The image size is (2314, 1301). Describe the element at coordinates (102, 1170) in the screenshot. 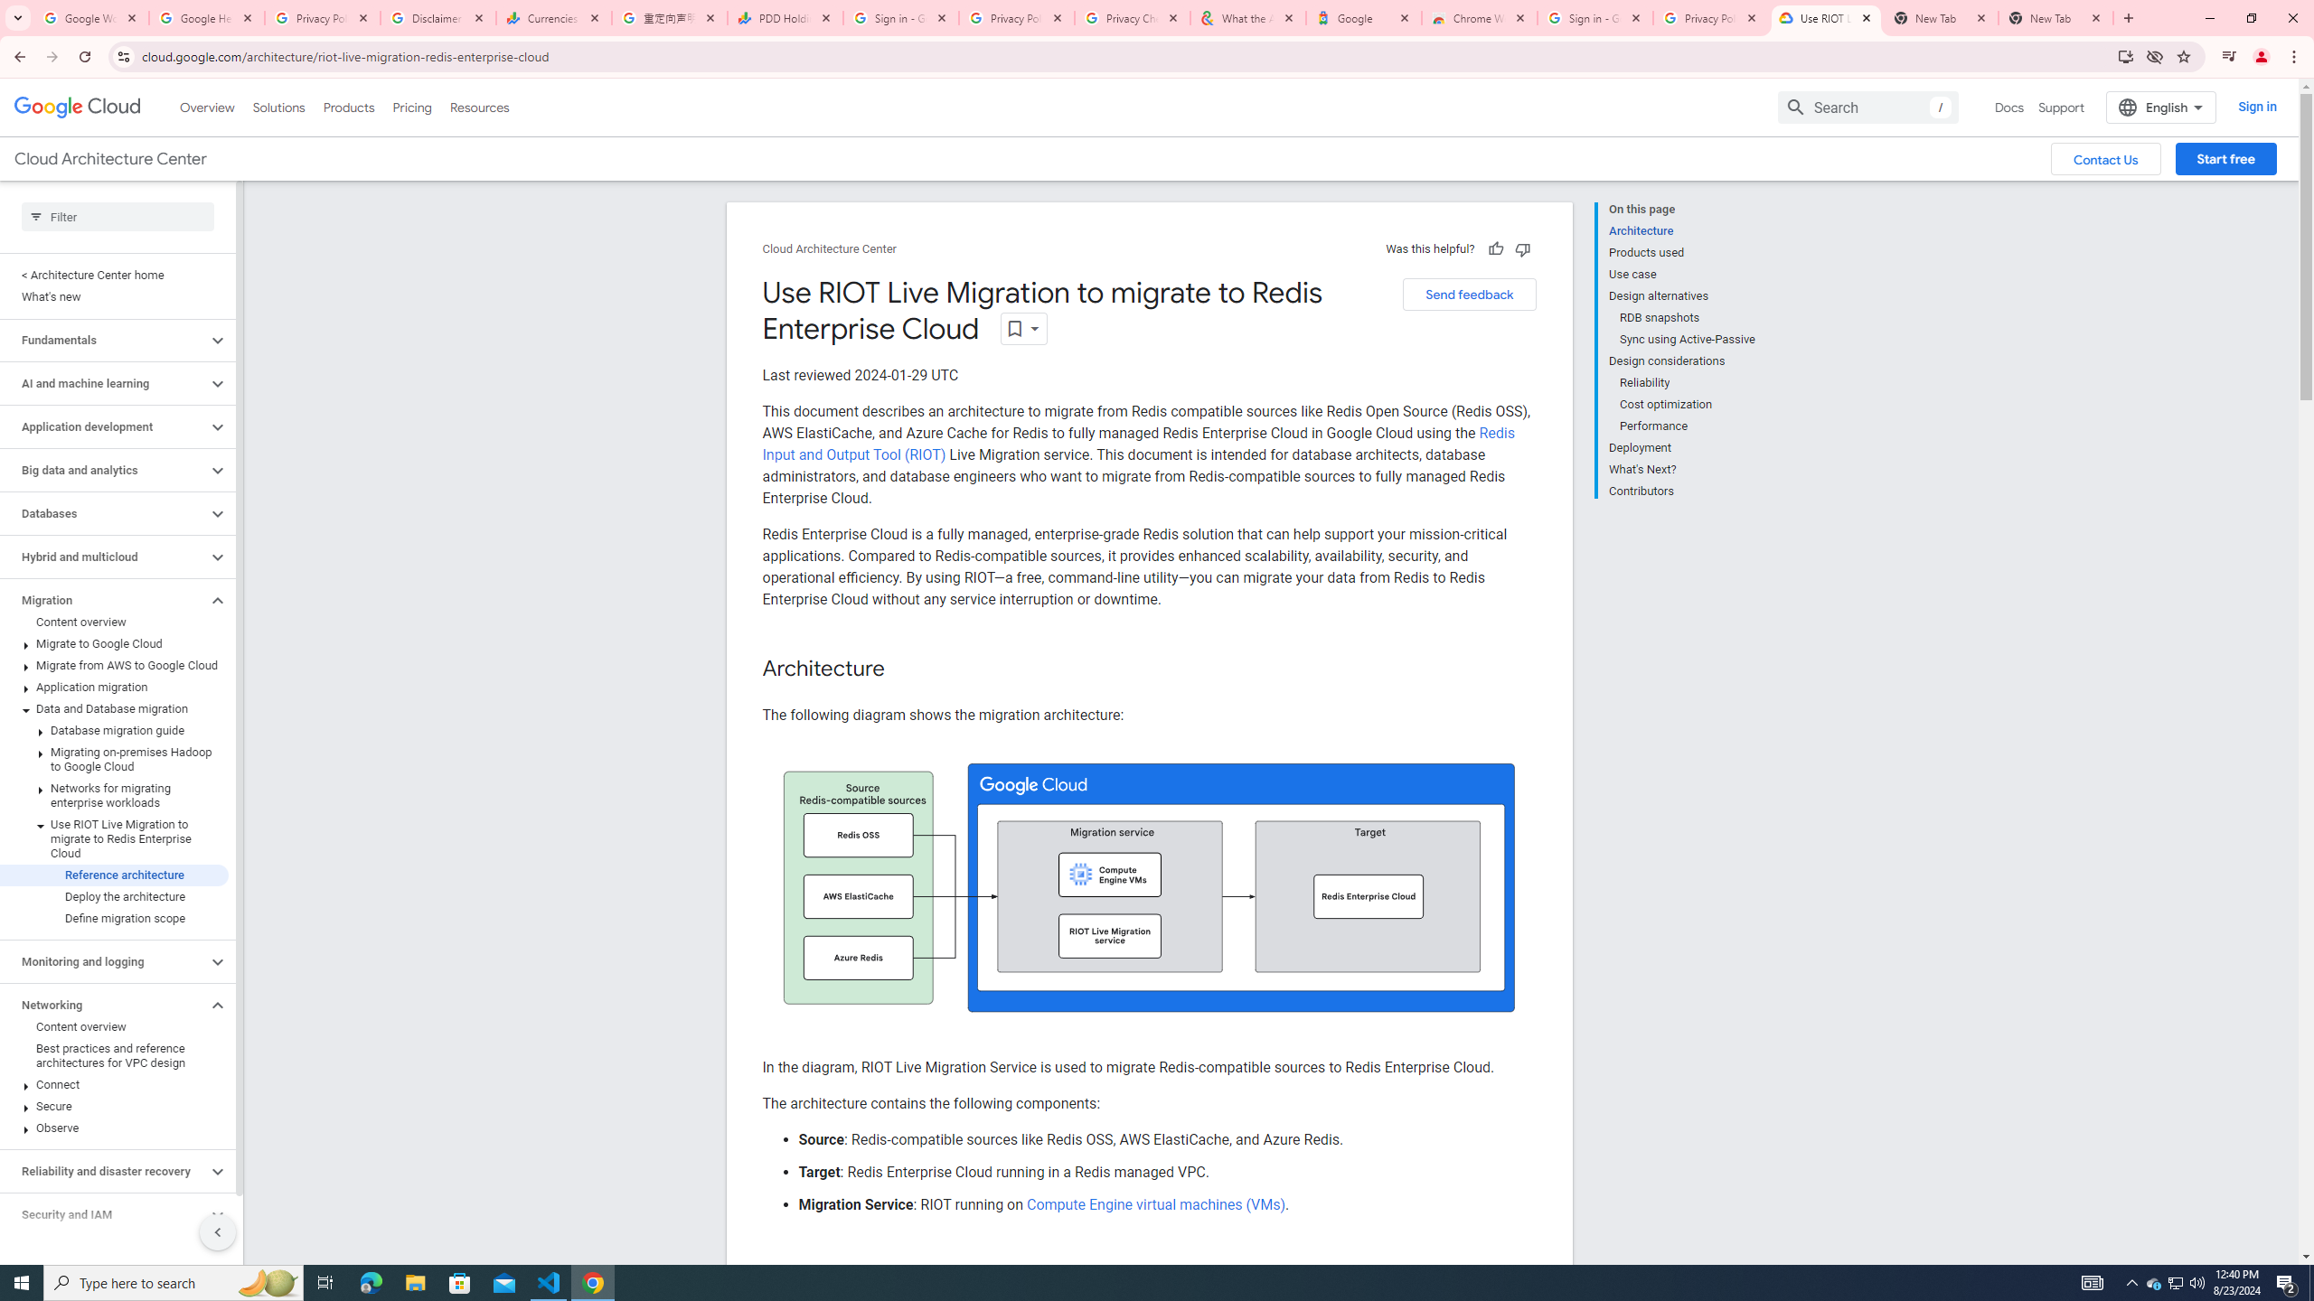

I see `'Reliability and disaster recovery'` at that location.